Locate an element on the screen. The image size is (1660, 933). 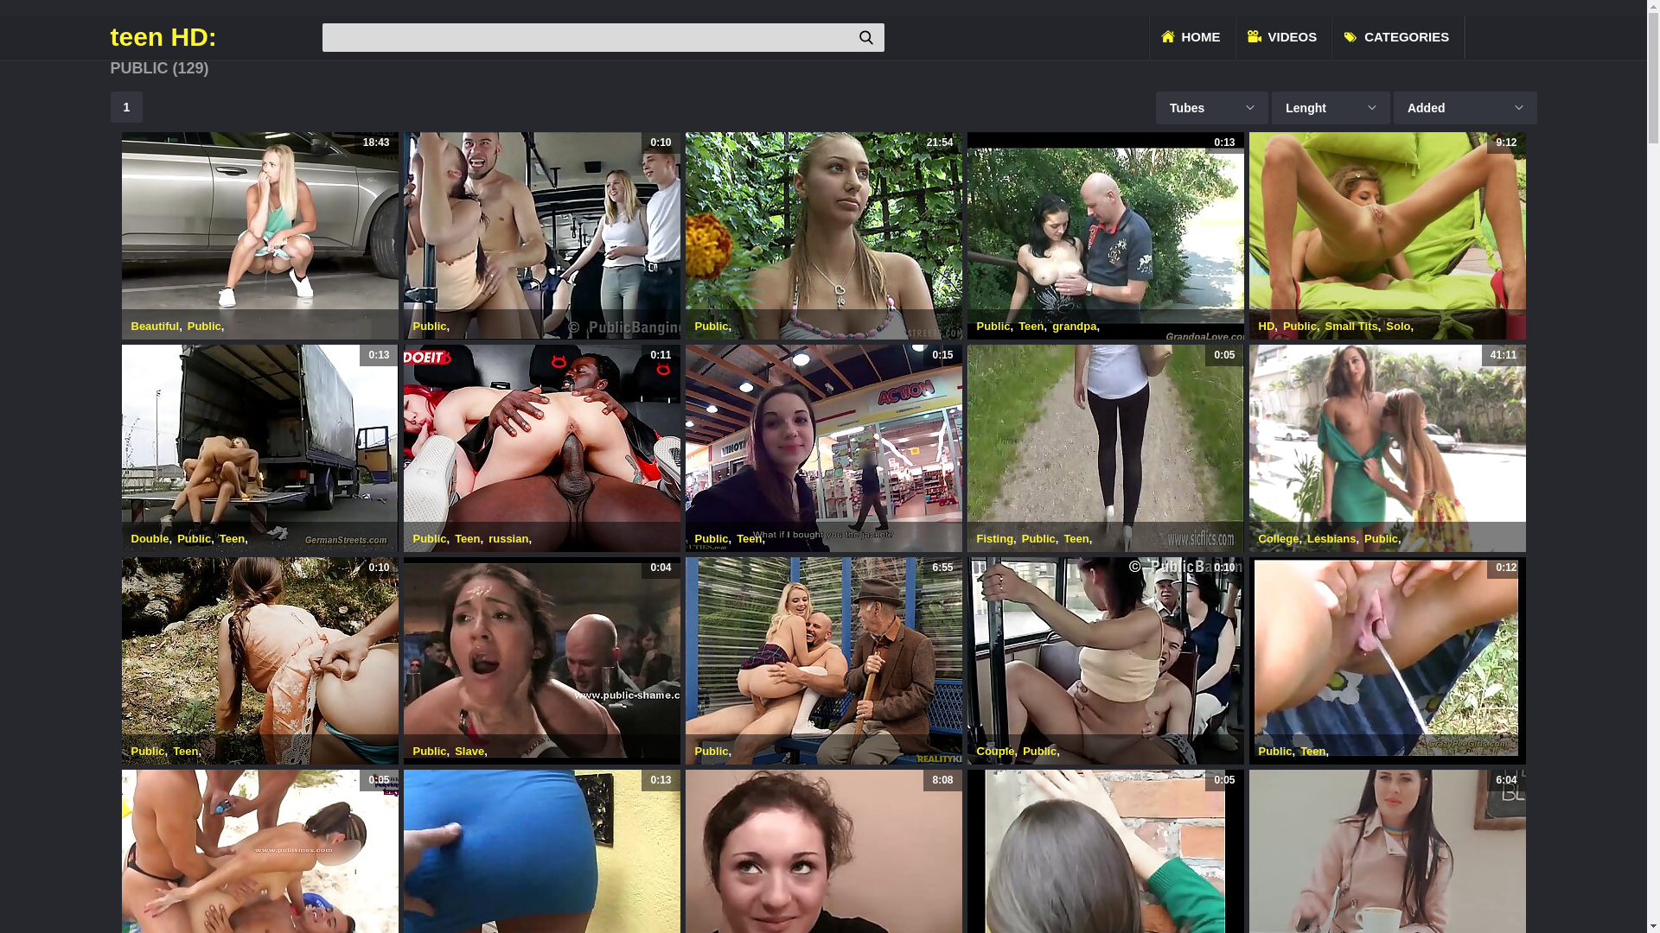
'College' is located at coordinates (1279, 537).